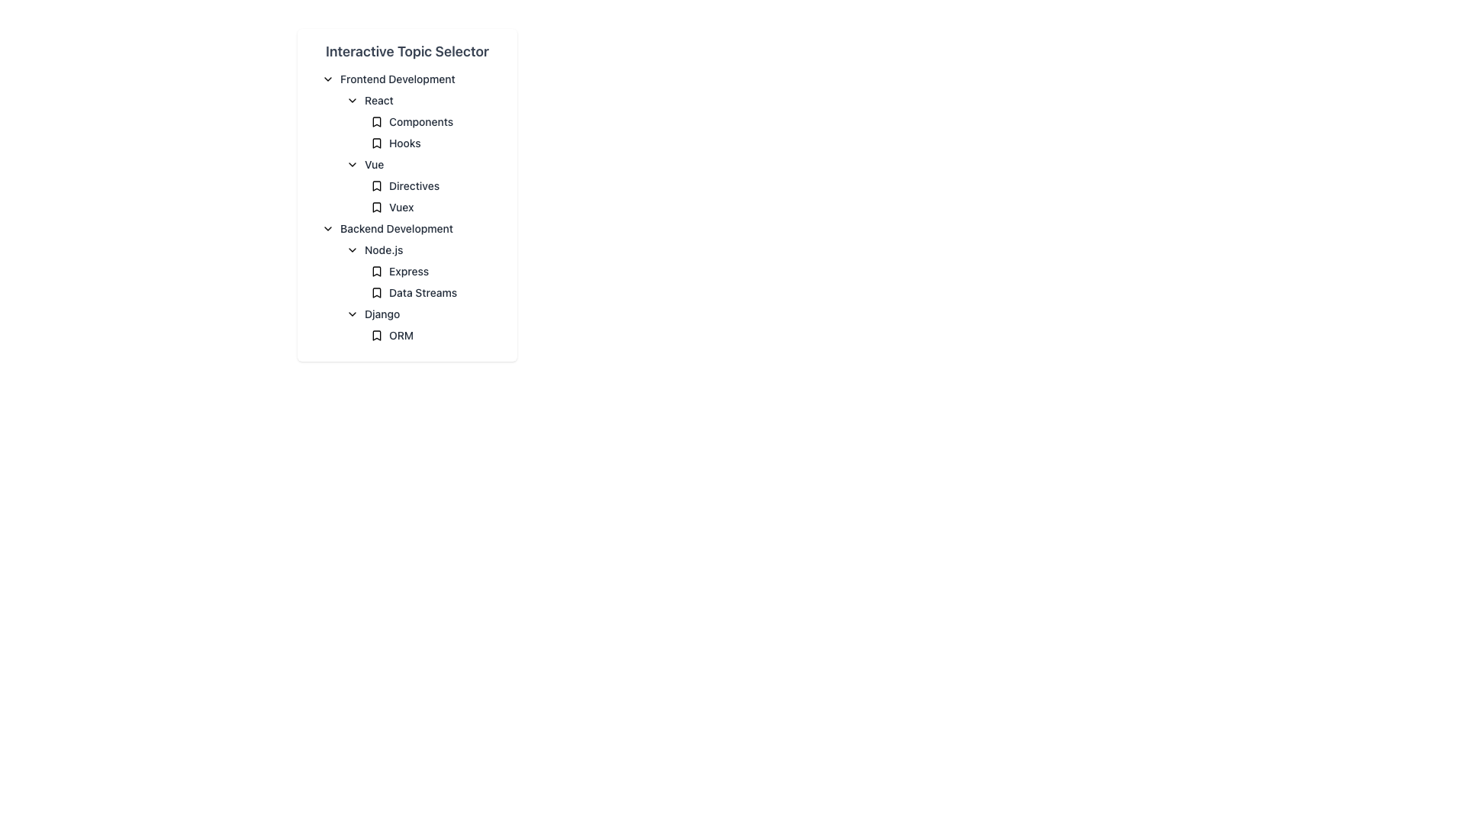 The width and height of the screenshot is (1465, 824). I want to click on the static text label 'React' located under the 'Frontend Development' category in the interactive topic selector, so click(378, 100).